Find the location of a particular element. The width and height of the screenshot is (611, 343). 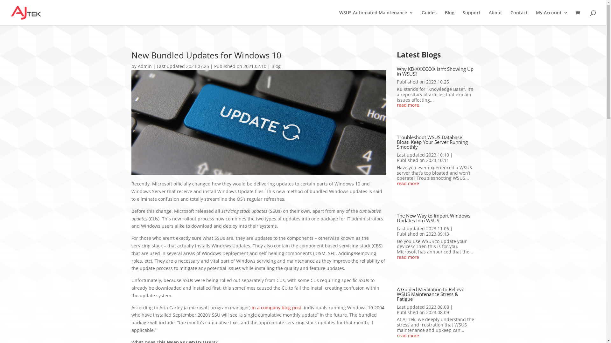

'read more' is located at coordinates (397, 335).